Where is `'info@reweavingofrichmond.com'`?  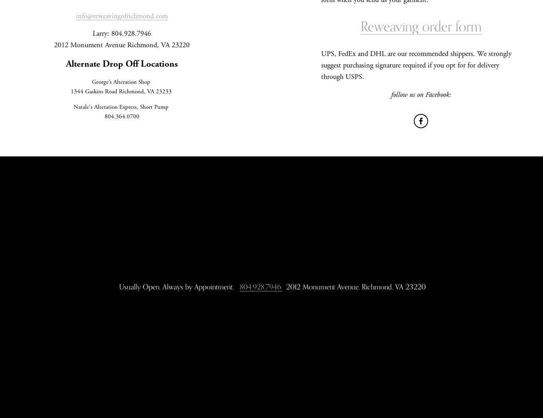 'info@reweavingofrichmond.com' is located at coordinates (122, 15).